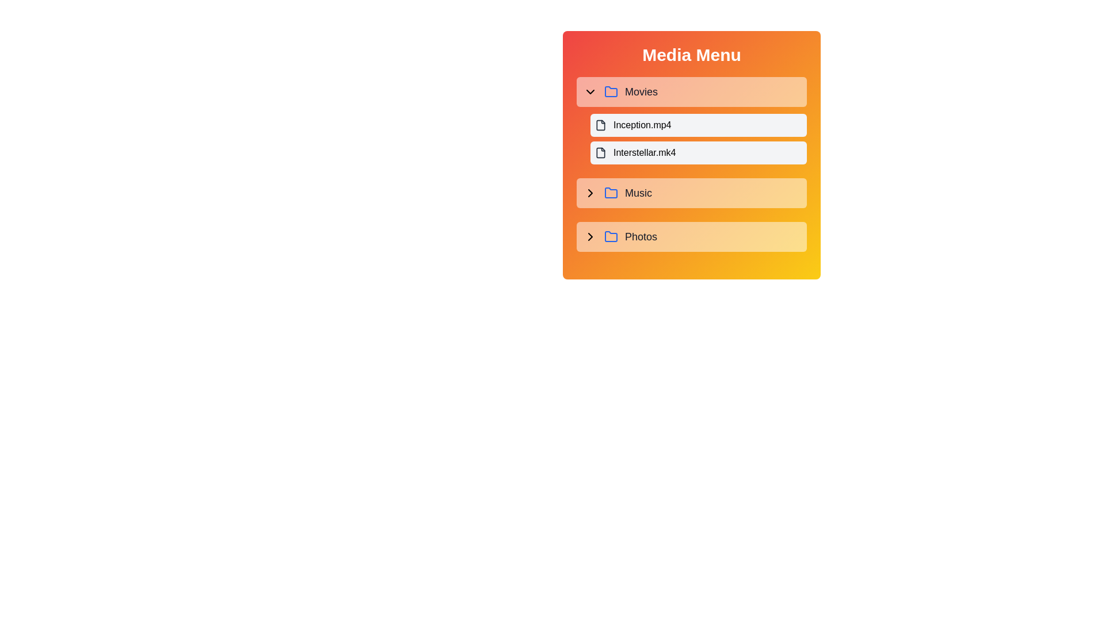  I want to click on the 'Photos' Folder menu item, which is located within a menu panel with a gradient orange background, featuring a blue folder icon and a right arrow icon, positioned as the third main category below 'Movies' and 'Music', so click(620, 236).